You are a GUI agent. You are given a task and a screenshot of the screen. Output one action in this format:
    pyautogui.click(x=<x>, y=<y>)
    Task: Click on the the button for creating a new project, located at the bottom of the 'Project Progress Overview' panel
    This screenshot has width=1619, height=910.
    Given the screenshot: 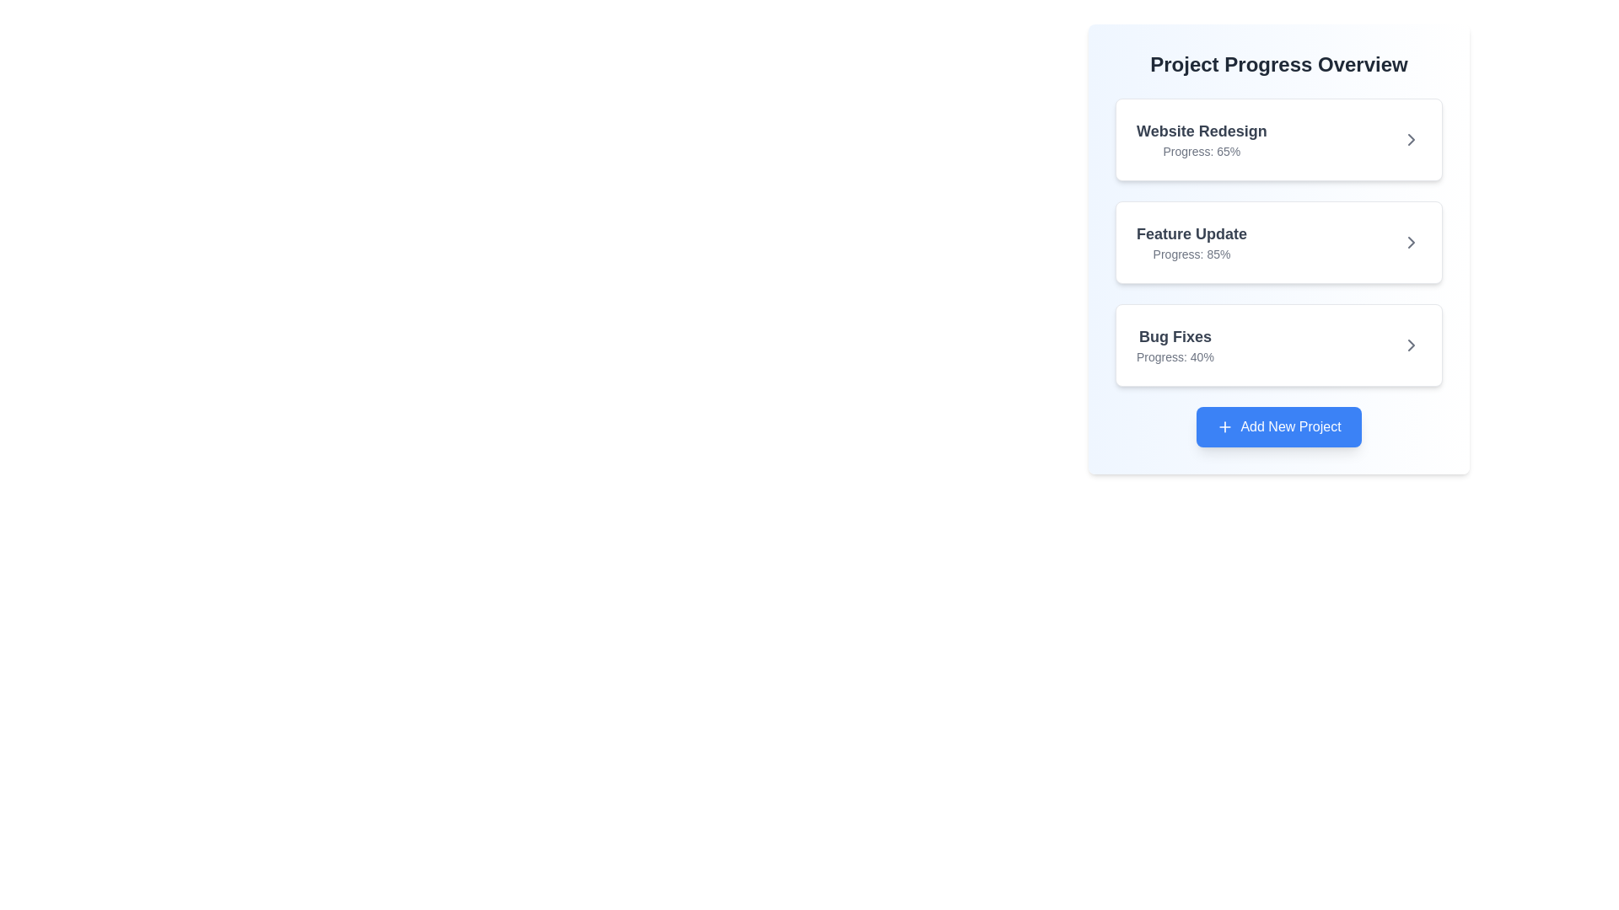 What is the action you would take?
    pyautogui.click(x=1278, y=426)
    